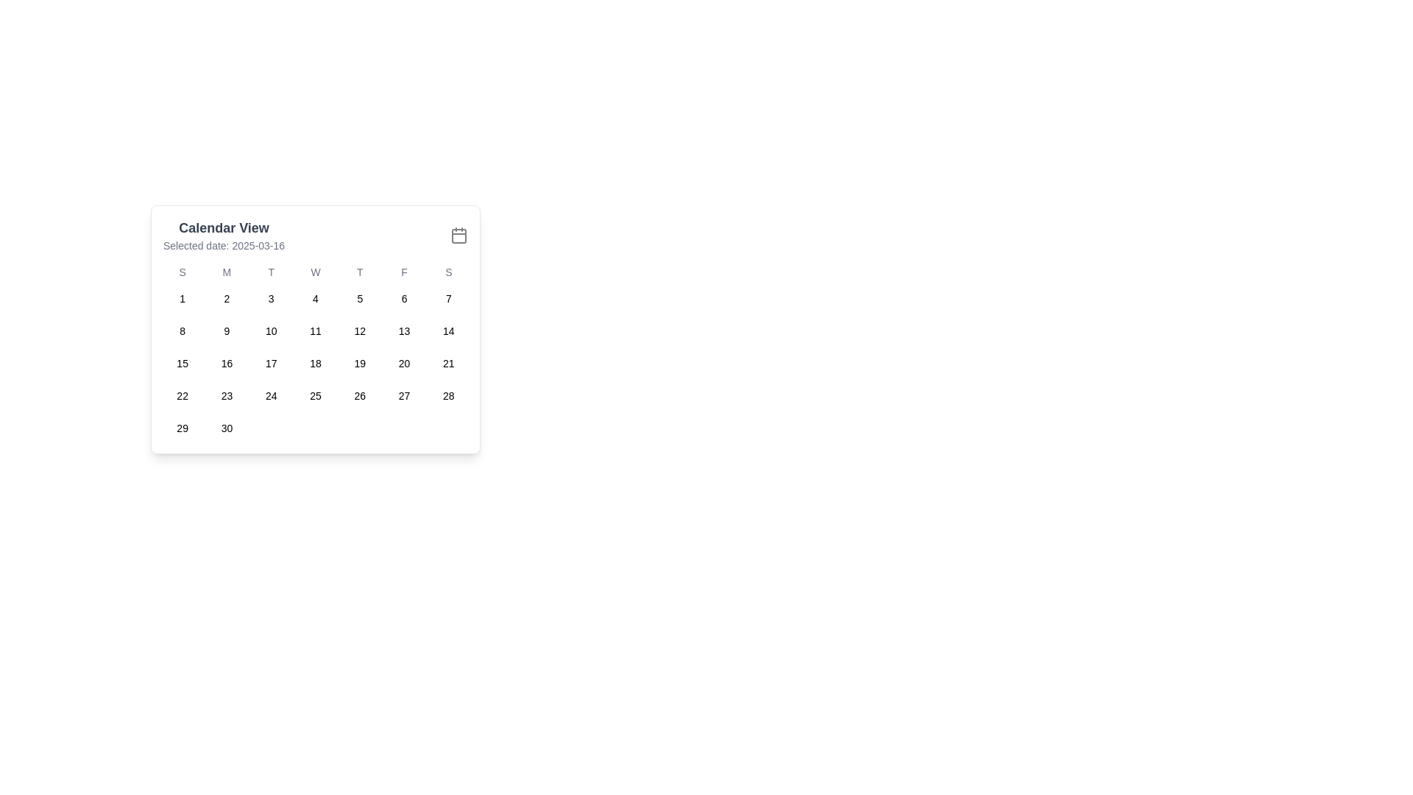  I want to click on the calendar cell representing the 25th day of the month, so click(314, 395).